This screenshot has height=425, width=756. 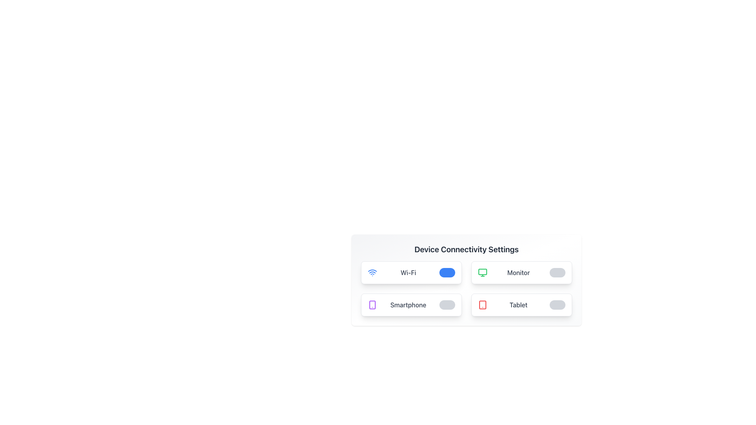 What do you see at coordinates (482, 305) in the screenshot?
I see `the 'Tablet' device icon in the 'Device Connectivity Settings' interface` at bounding box center [482, 305].